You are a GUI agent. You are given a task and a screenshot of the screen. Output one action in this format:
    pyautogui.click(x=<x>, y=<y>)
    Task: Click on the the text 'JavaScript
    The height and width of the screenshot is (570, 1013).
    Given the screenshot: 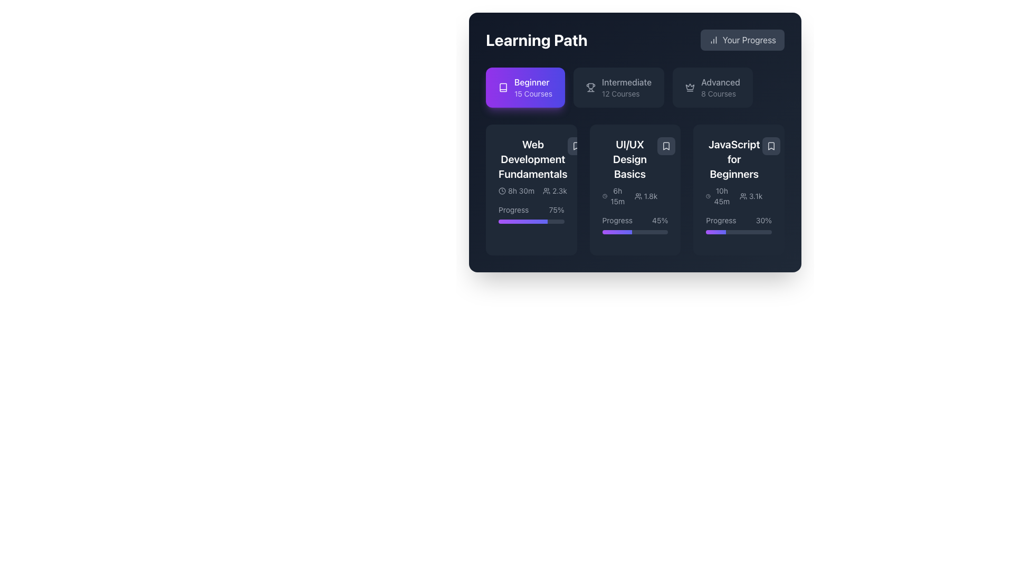 What is the action you would take?
    pyautogui.click(x=733, y=159)
    